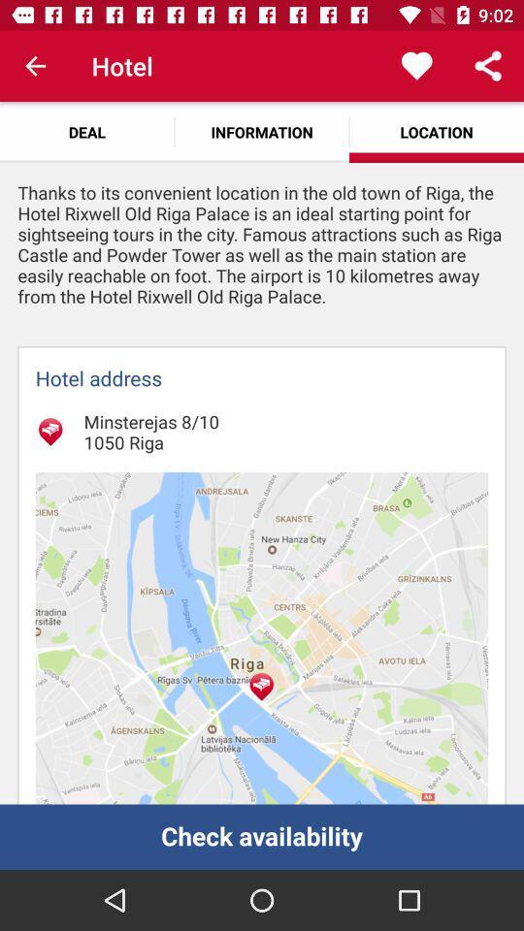 Image resolution: width=524 pixels, height=931 pixels. What do you see at coordinates (262, 836) in the screenshot?
I see `check availability item` at bounding box center [262, 836].